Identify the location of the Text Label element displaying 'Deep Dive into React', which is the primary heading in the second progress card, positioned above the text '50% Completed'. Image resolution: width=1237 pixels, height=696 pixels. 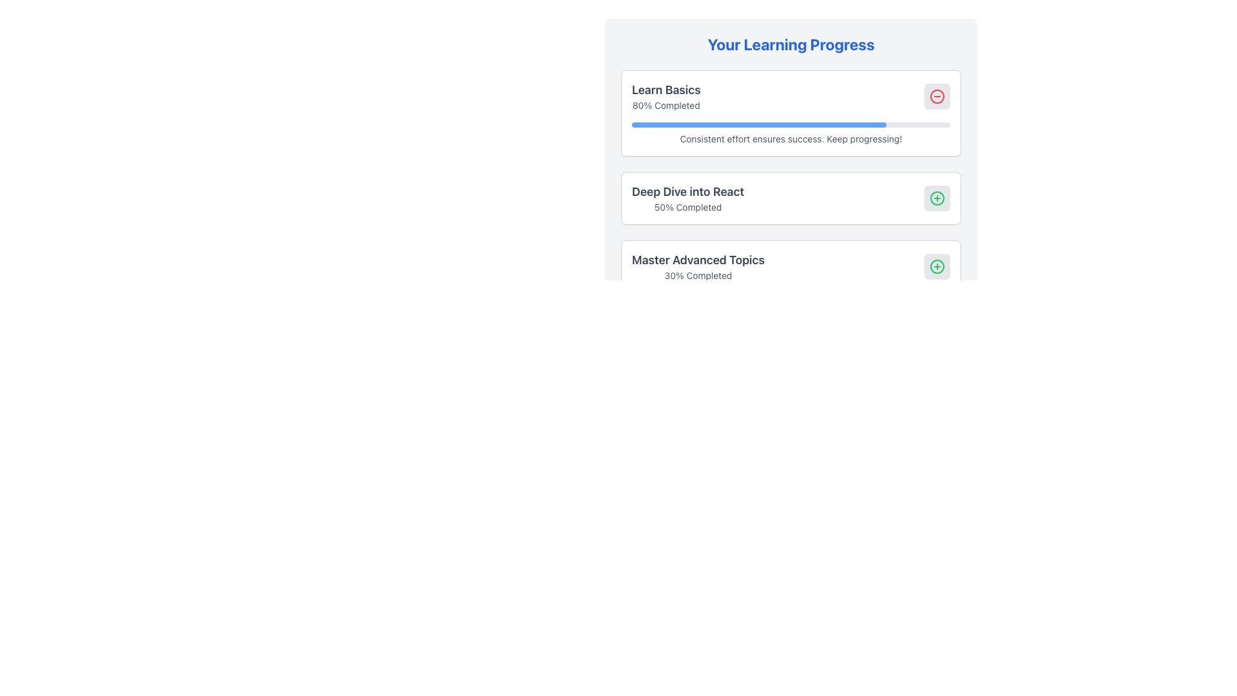
(687, 191).